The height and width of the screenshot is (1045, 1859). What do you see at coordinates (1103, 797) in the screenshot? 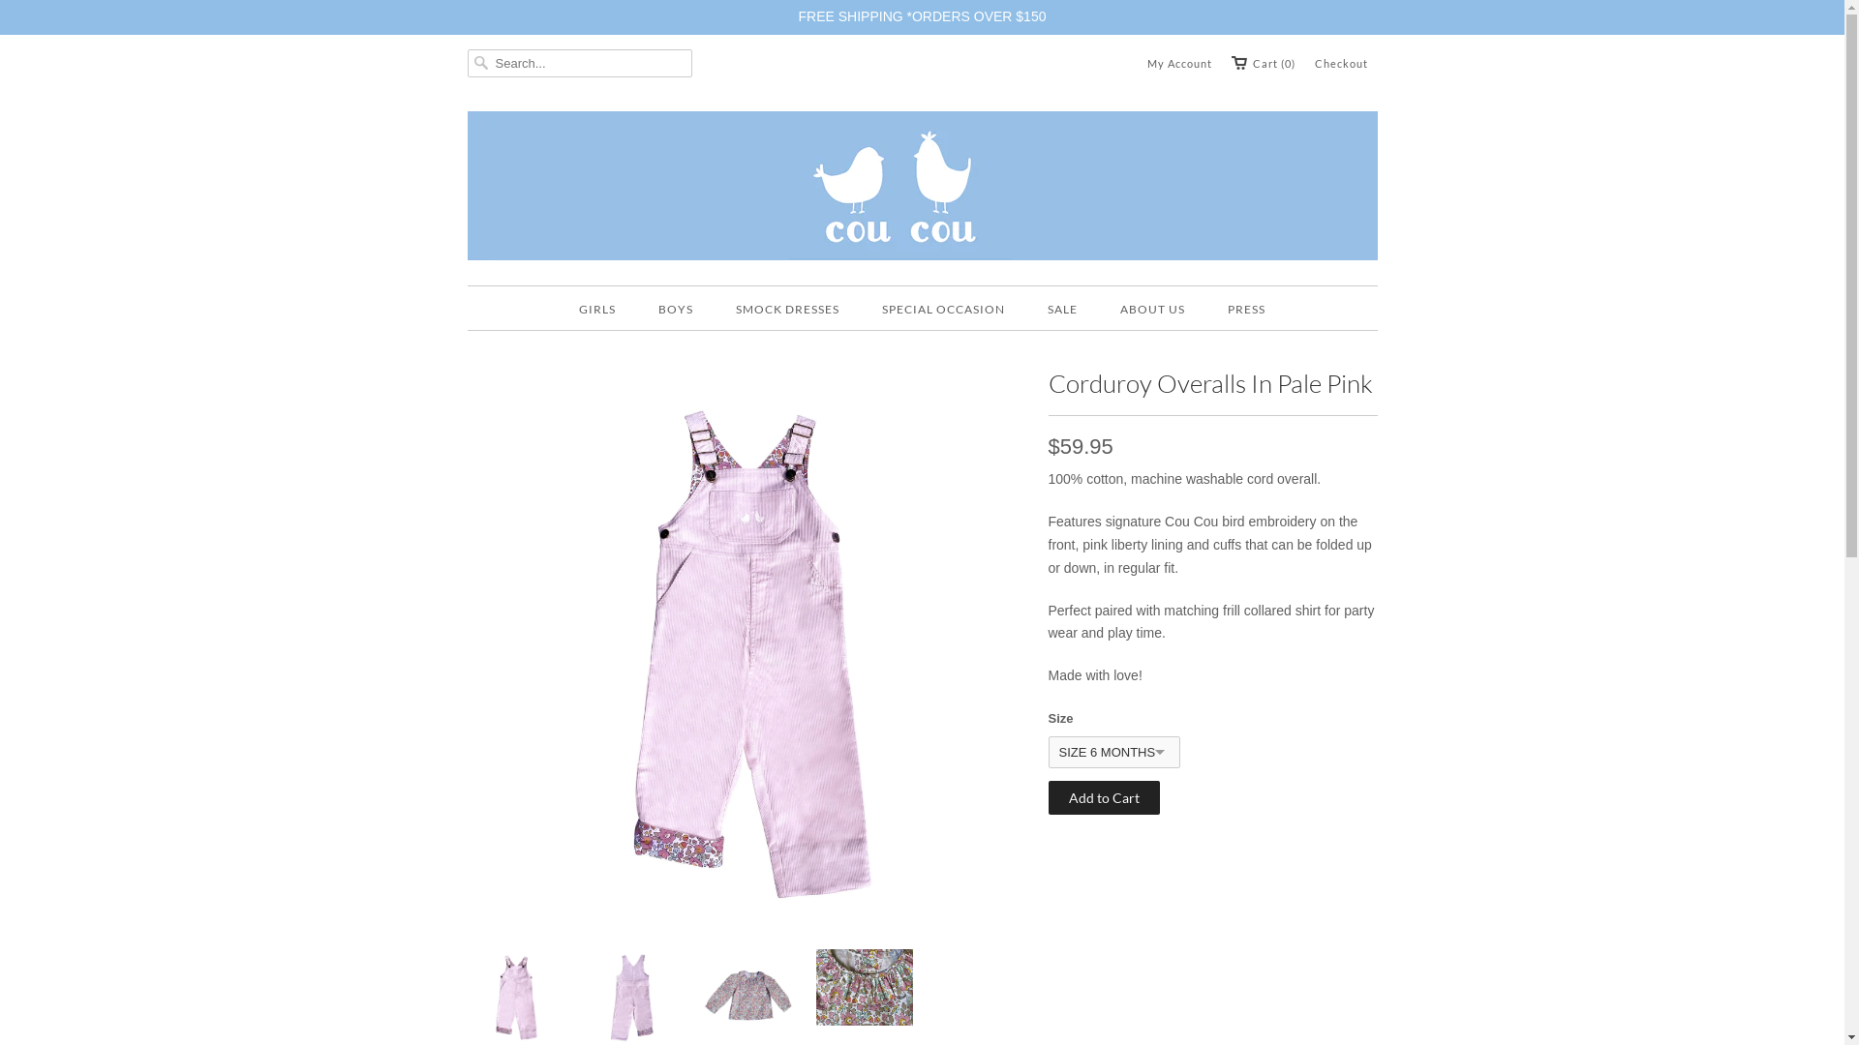
I see `'Add to Cart'` at bounding box center [1103, 797].